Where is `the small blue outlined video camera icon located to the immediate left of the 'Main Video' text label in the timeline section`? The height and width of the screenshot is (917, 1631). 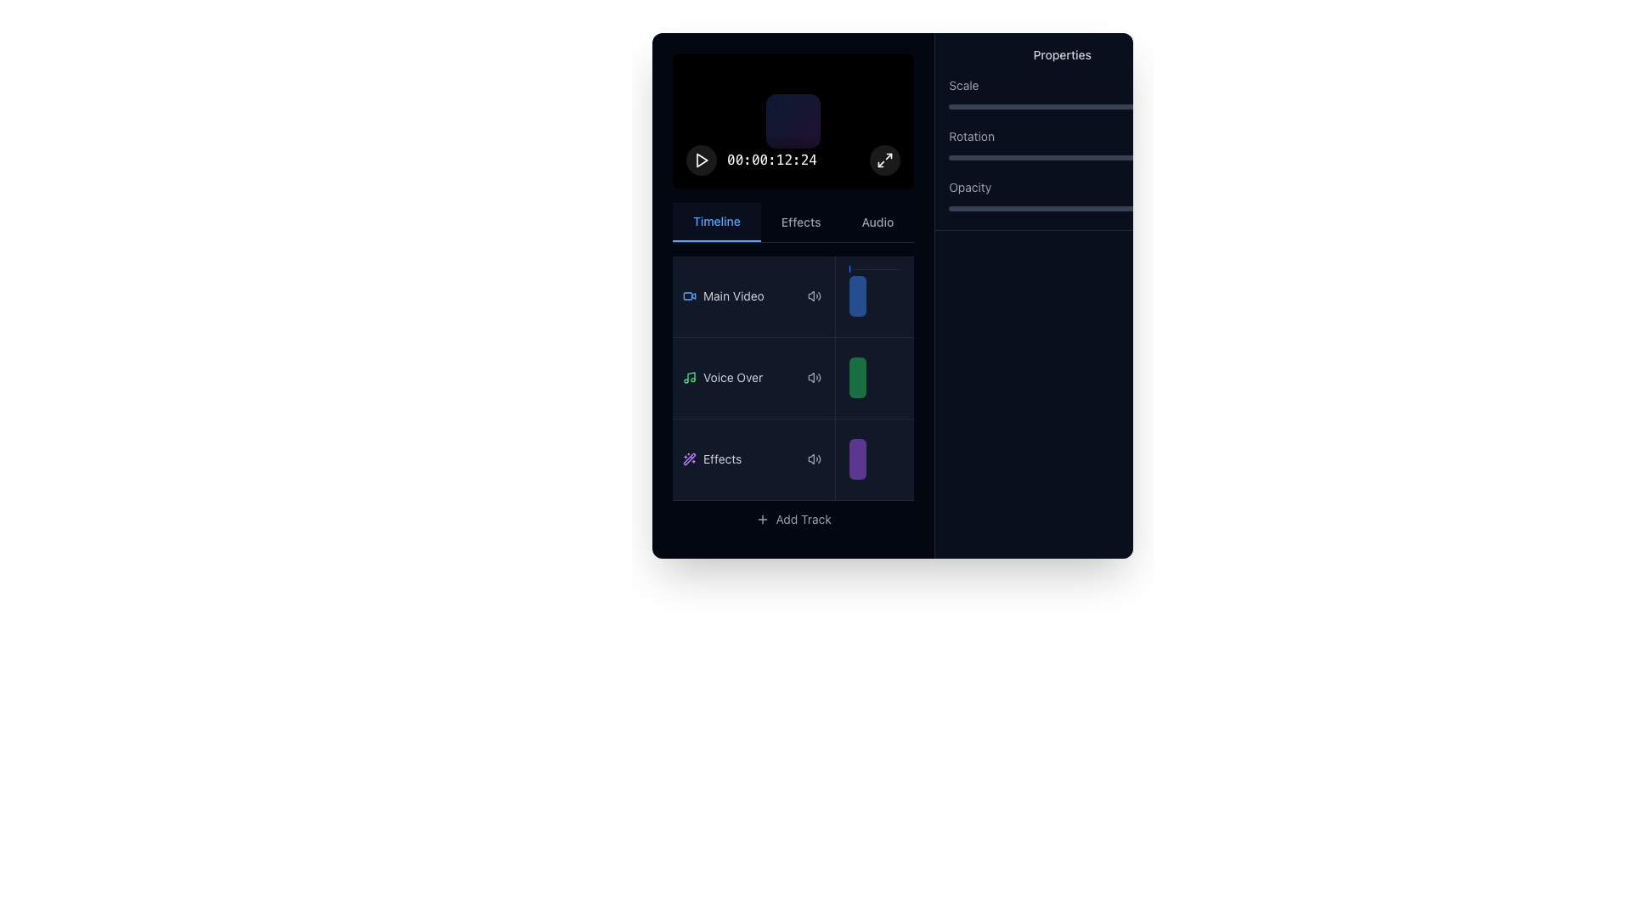
the small blue outlined video camera icon located to the immediate left of the 'Main Video' text label in the timeline section is located at coordinates (689, 295).